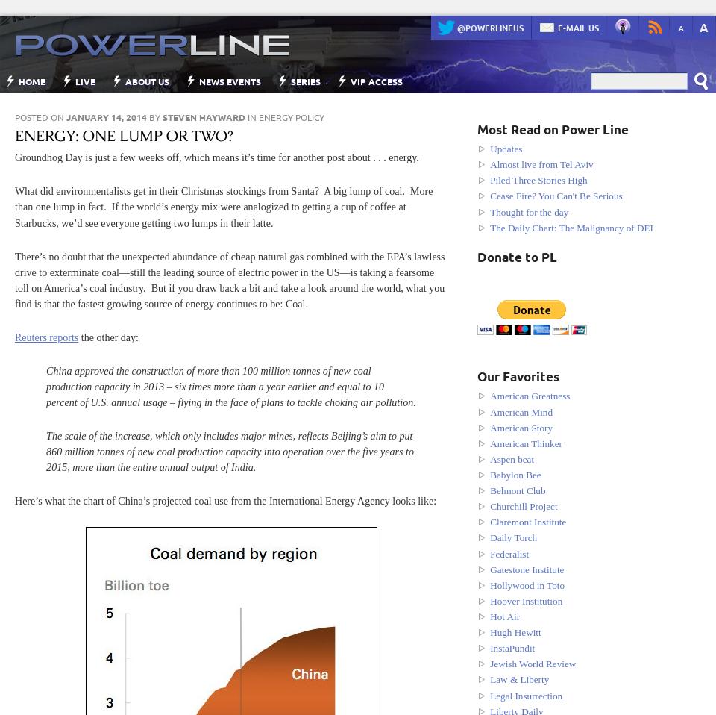 The image size is (716, 715). I want to click on 'Claremont Institute', so click(528, 521).